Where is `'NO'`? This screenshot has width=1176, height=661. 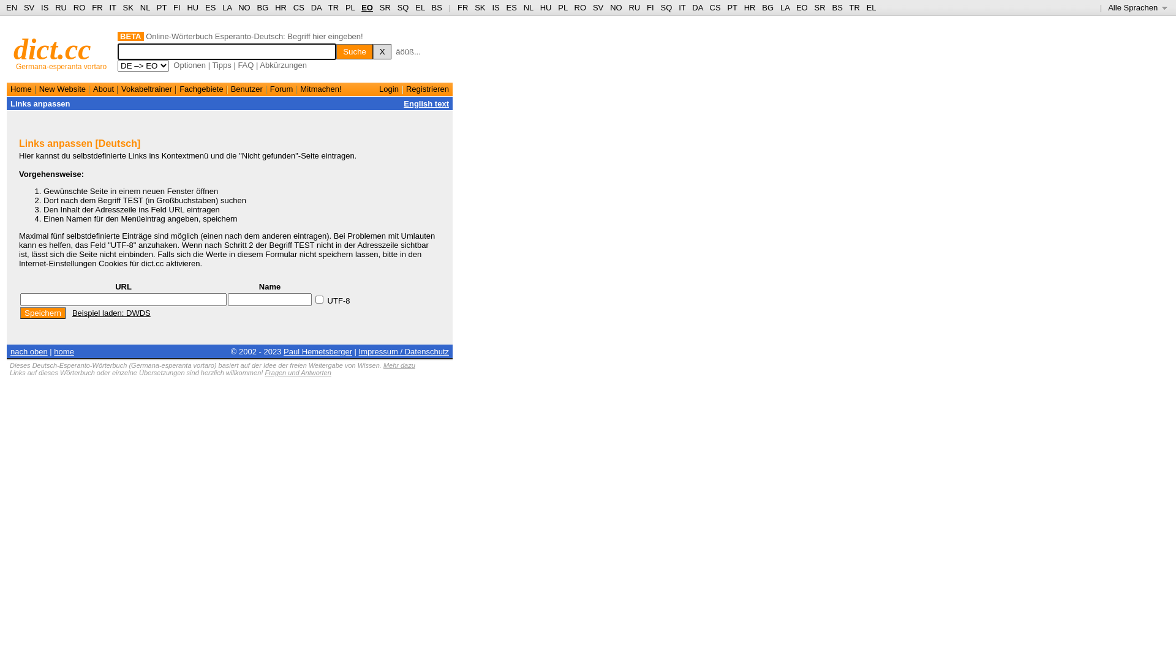
'NO' is located at coordinates (616, 7).